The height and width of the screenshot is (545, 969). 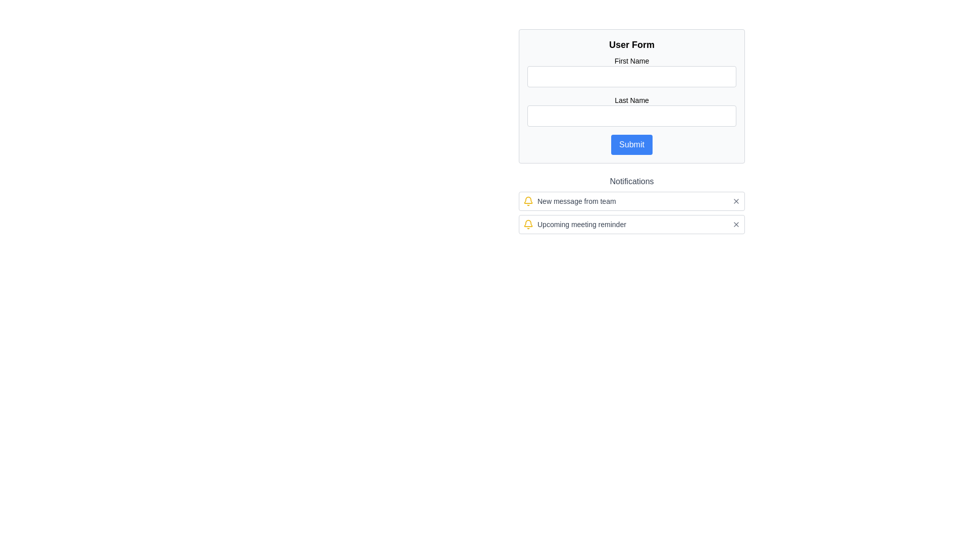 I want to click on notification content of the Text Label that displays 'Upcoming meeting reminder', located below the first notification in the 'Notifications' section, so click(x=574, y=224).